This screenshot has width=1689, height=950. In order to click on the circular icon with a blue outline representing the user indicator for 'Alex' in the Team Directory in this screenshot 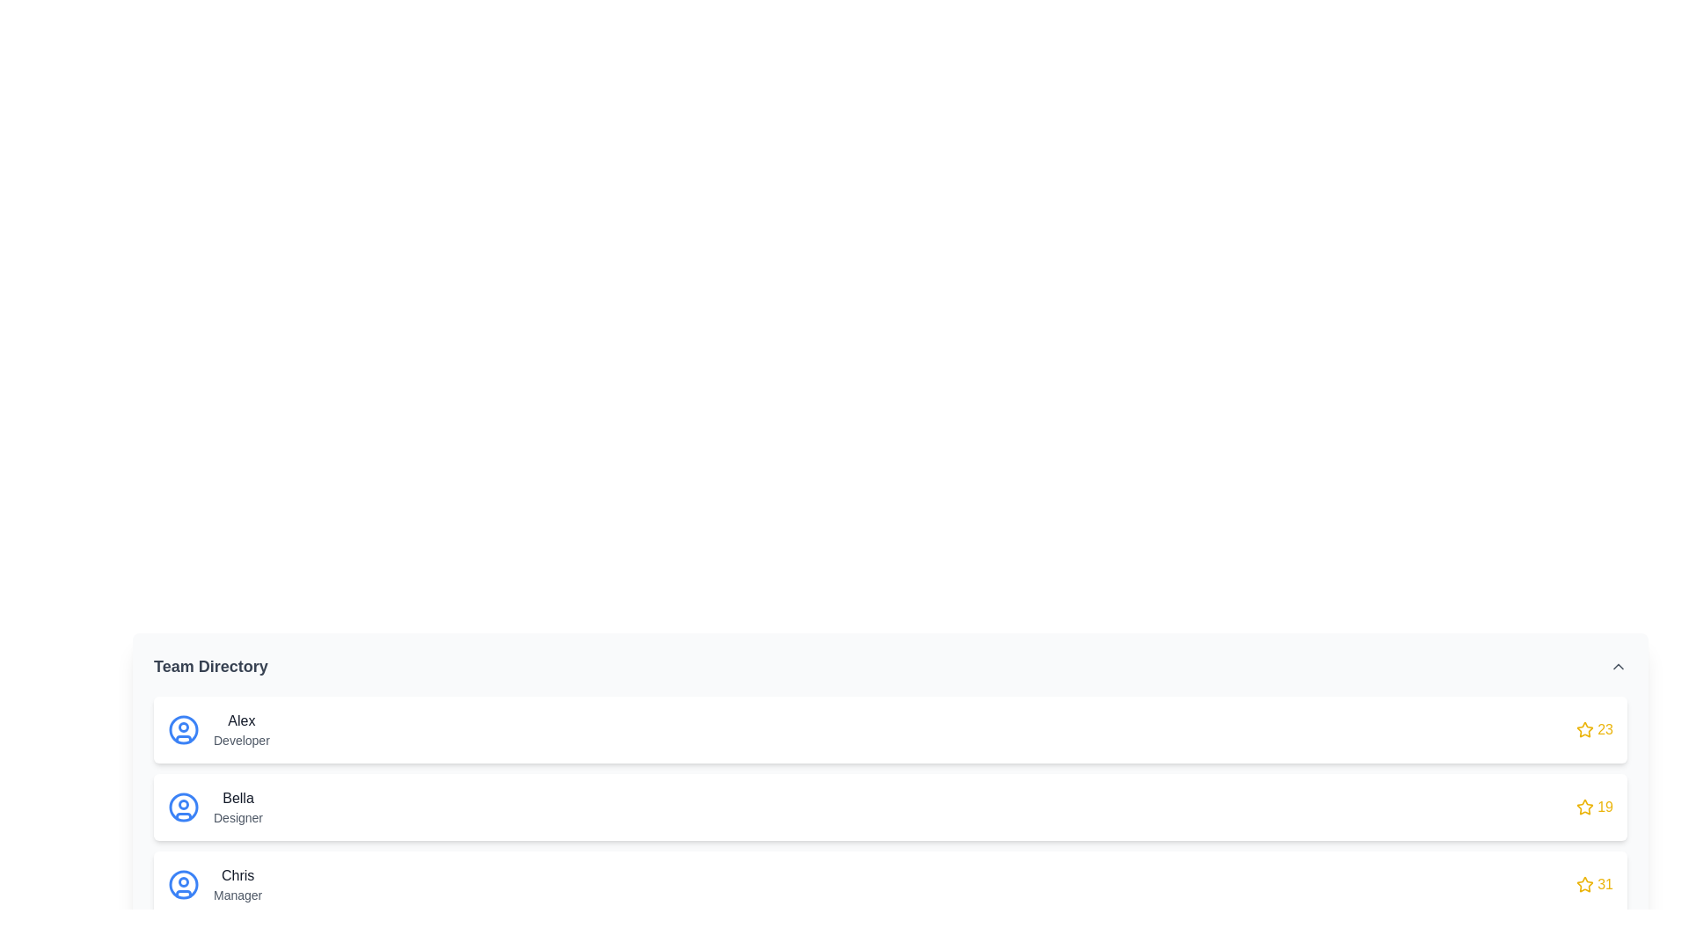, I will do `click(184, 729)`.